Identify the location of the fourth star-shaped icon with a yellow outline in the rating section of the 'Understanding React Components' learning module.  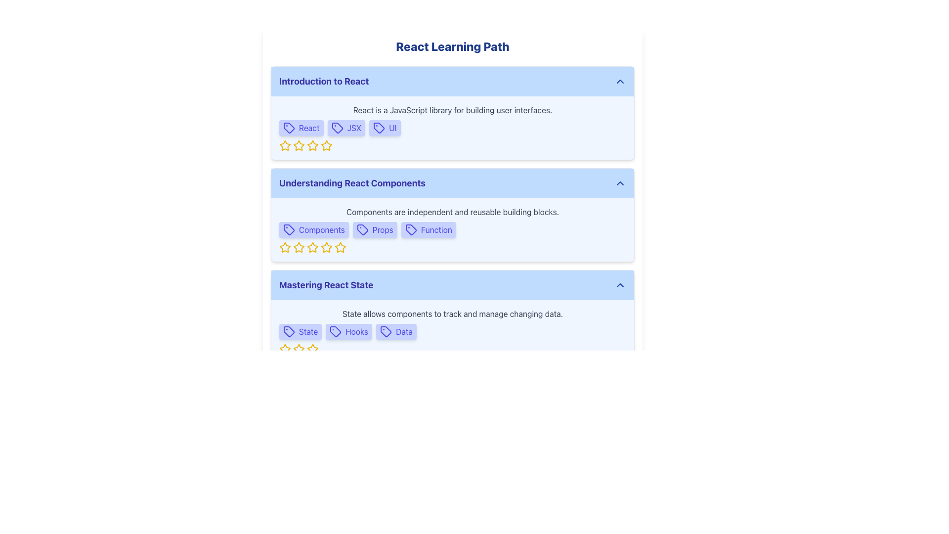
(312, 247).